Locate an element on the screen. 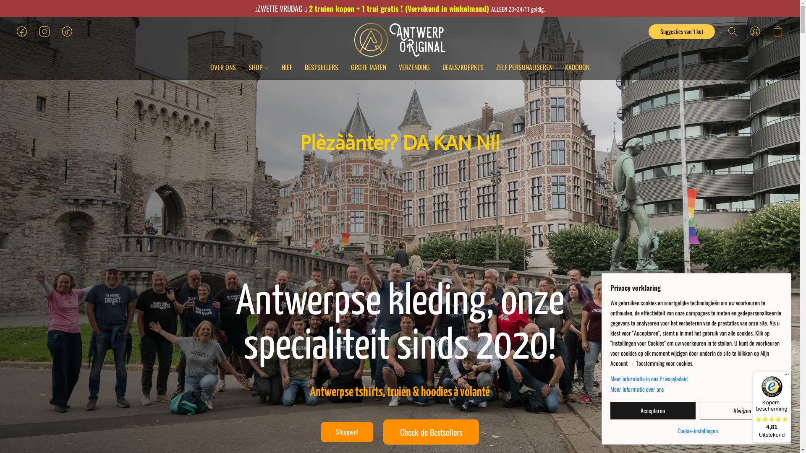 Image resolution: width=806 pixels, height=453 pixels. 'SHOP' is located at coordinates (258, 66).